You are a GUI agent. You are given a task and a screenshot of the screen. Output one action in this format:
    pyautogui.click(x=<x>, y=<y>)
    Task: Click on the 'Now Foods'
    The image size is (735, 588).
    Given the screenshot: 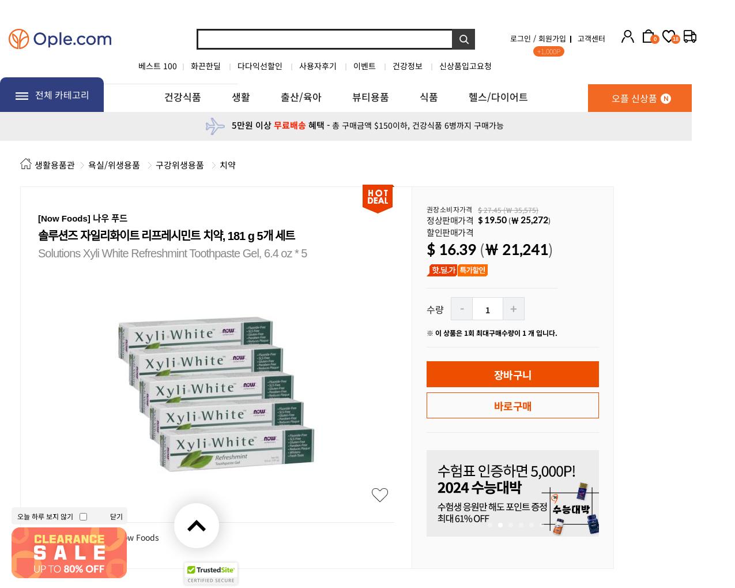 What is the action you would take?
    pyautogui.click(x=137, y=536)
    